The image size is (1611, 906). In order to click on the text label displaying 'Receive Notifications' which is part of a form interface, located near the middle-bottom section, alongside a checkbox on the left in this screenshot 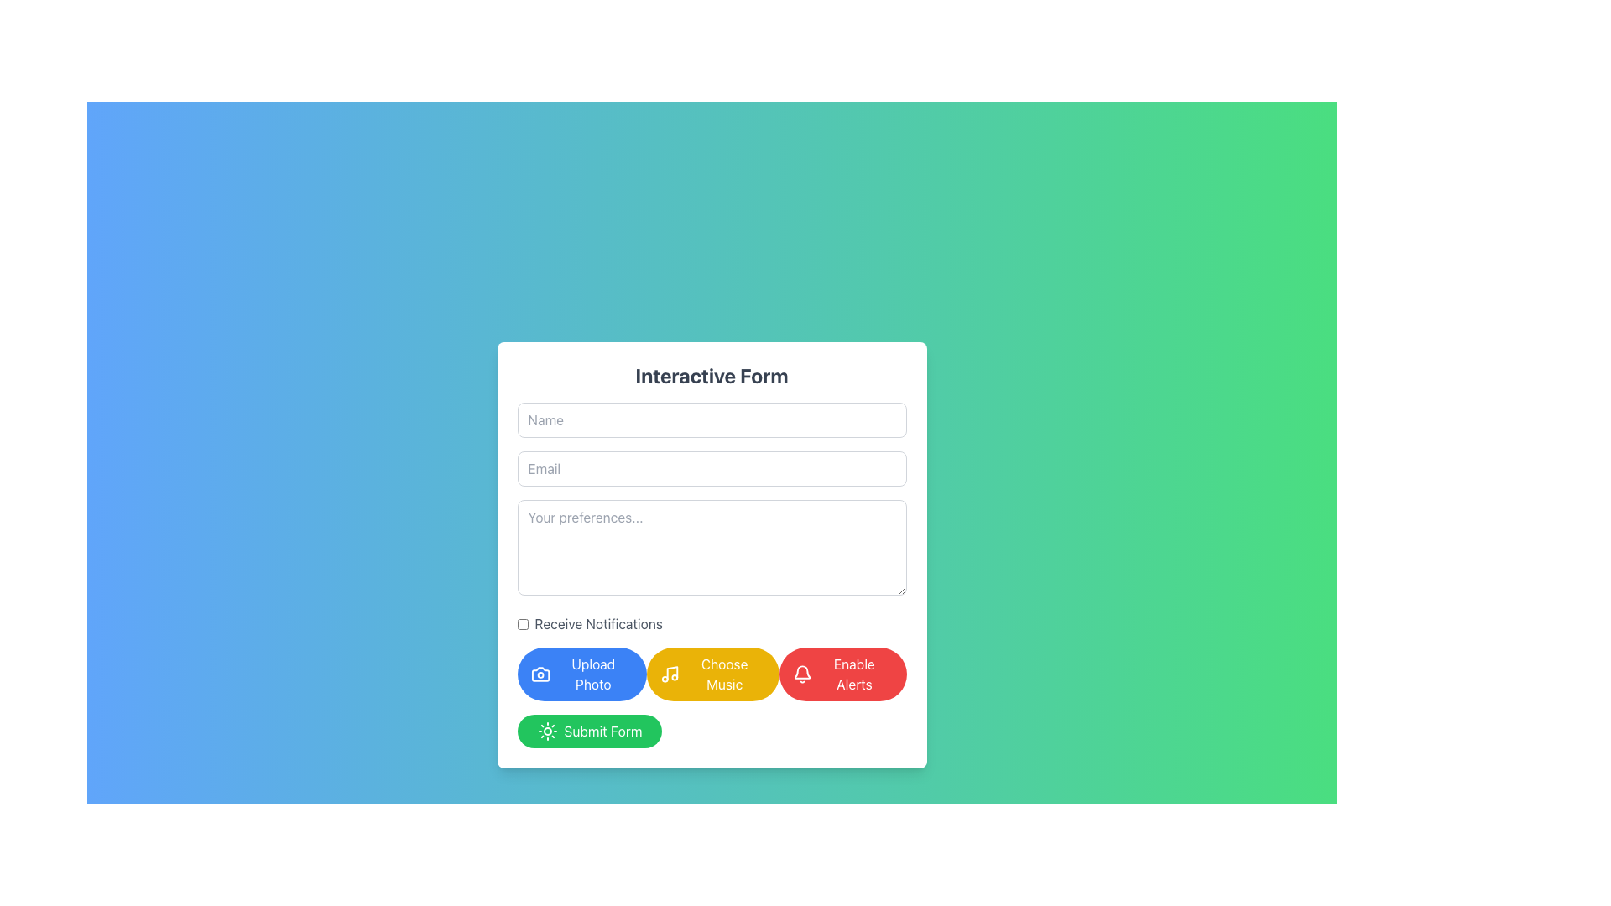, I will do `click(598, 624)`.